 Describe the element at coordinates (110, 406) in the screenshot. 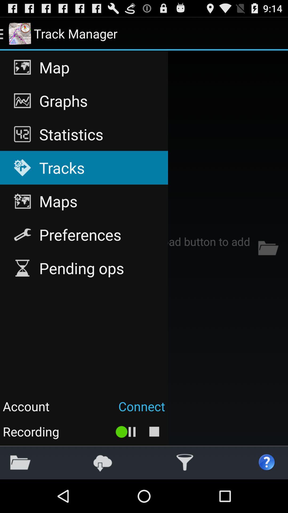

I see `the icon to the right of the account item` at that location.